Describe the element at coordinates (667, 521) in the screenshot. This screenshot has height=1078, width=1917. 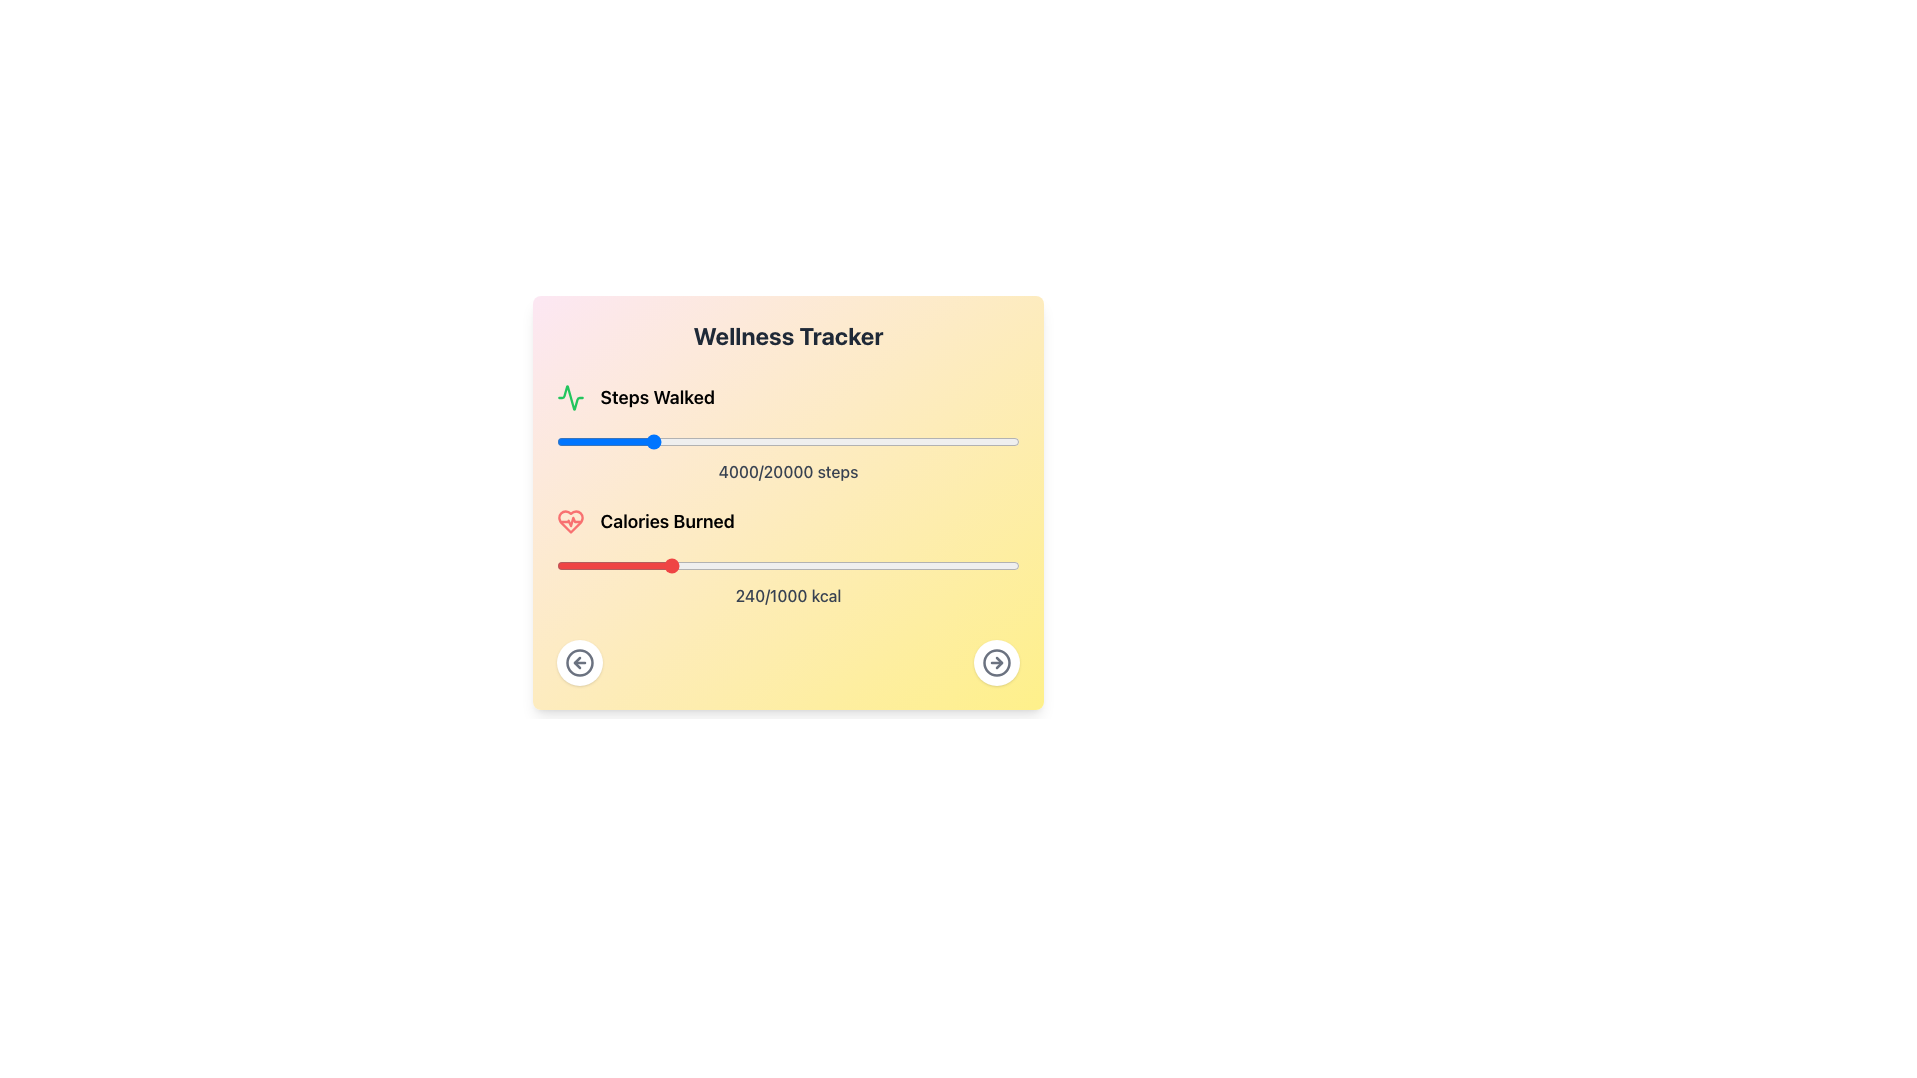
I see `the Text label indicating 'calories burned', which is located in the bottom section of the wellness tracker card, to the right of the red heart icon` at that location.